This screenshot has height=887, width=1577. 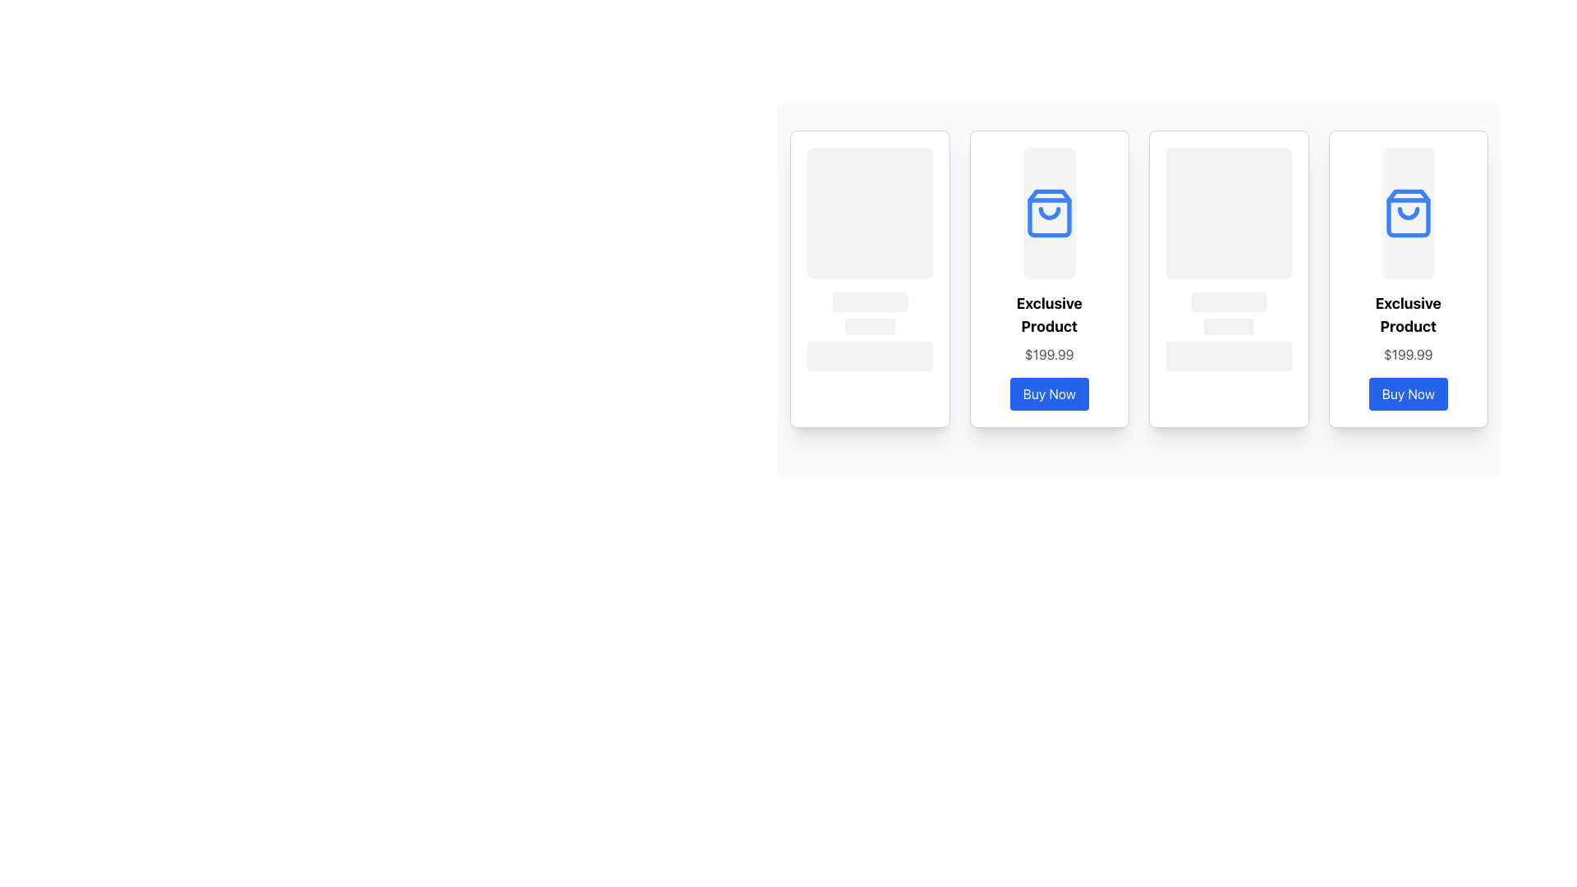 I want to click on the decorative visual element located in the second card from the left, positioned above the 'Exclusive Product' text and centered horizontally within the card, so click(x=1048, y=212).